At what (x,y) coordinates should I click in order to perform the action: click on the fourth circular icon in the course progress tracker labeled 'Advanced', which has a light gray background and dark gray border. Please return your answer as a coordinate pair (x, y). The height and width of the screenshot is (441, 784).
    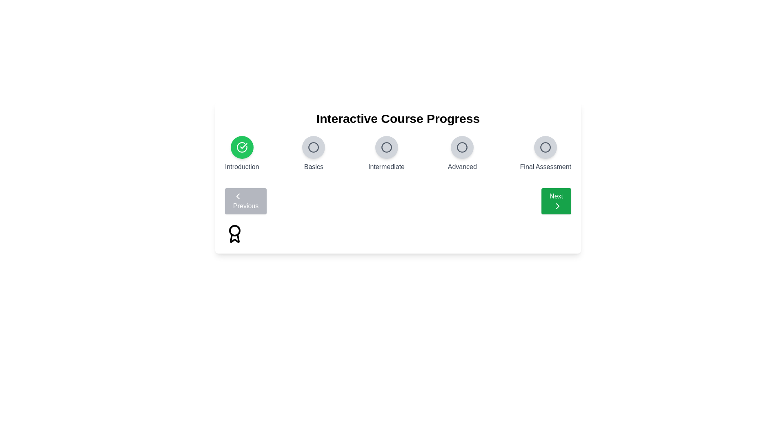
    Looking at the image, I should click on (462, 147).